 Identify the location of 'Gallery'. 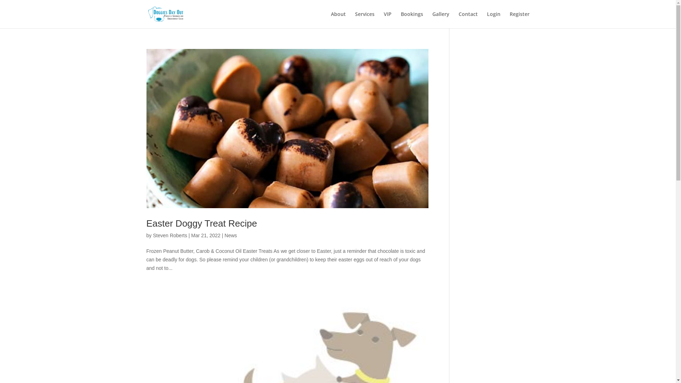
(432, 20).